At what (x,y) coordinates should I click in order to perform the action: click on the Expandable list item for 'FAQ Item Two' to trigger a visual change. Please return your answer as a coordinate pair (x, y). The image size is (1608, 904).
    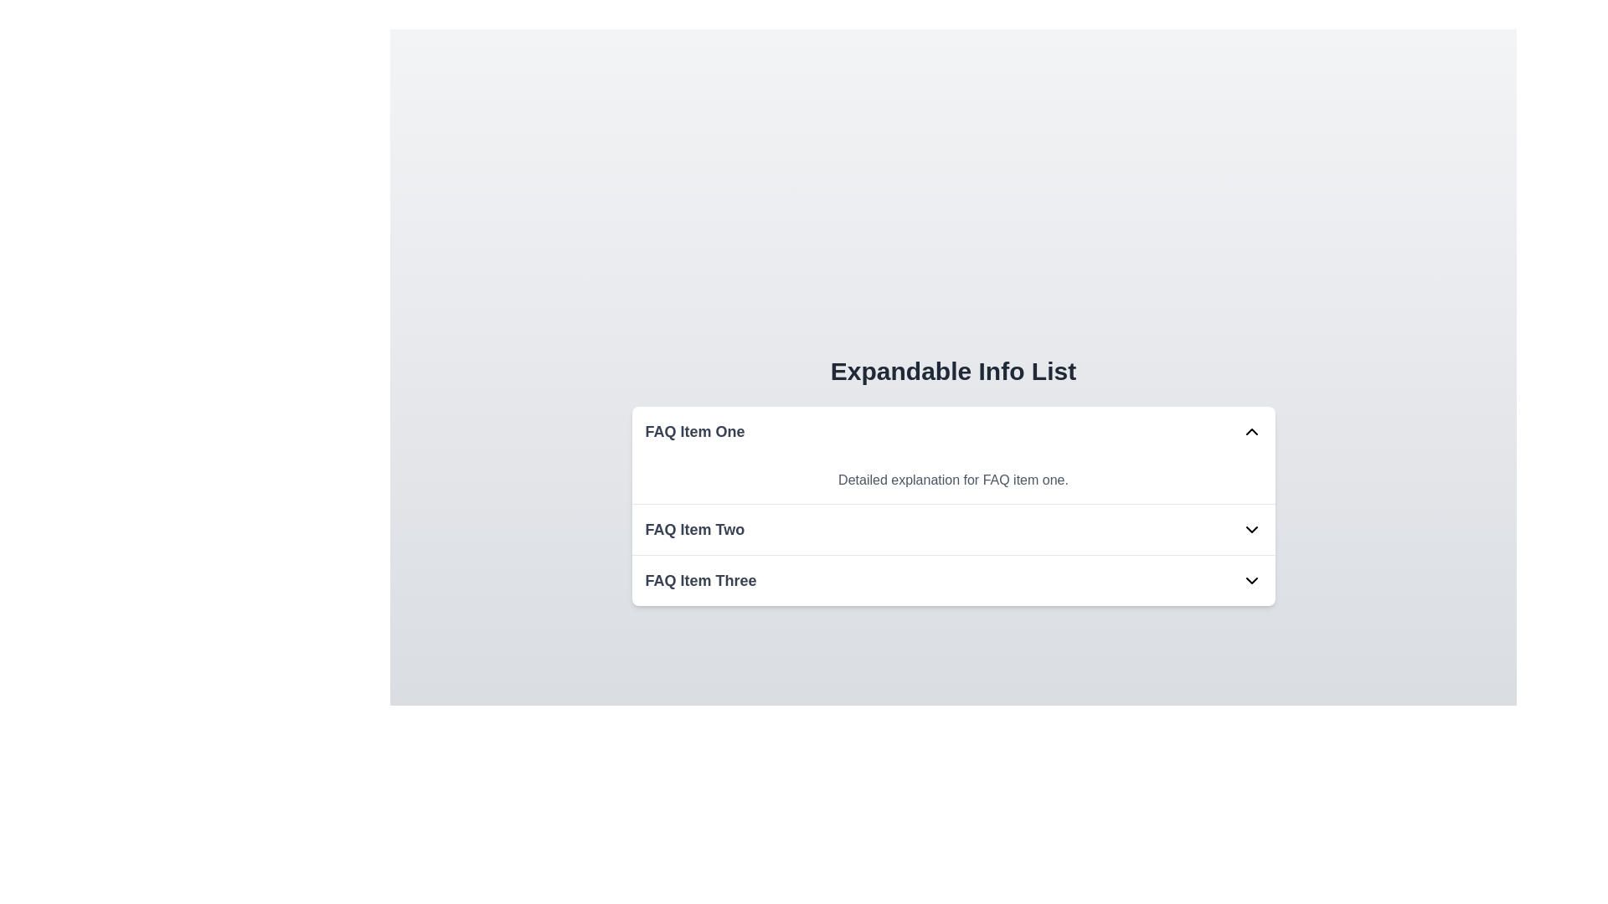
    Looking at the image, I should click on (953, 529).